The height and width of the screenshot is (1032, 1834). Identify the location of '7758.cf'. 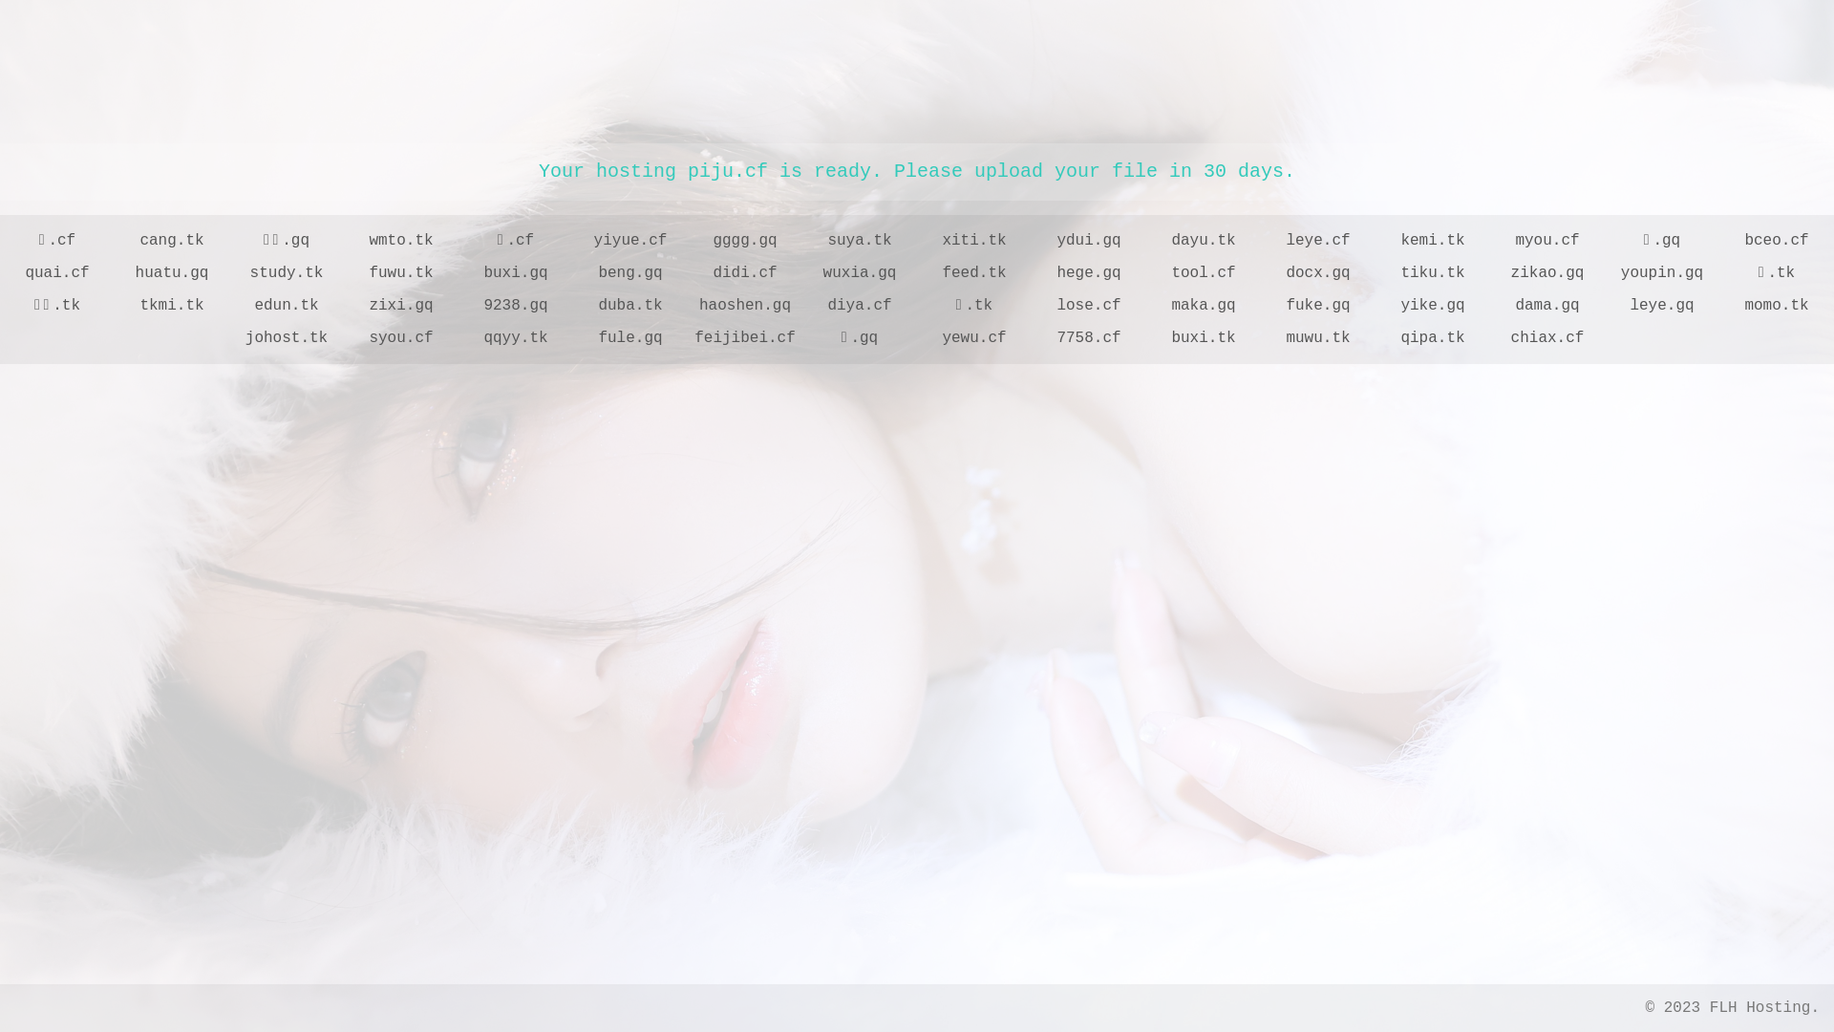
(1089, 337).